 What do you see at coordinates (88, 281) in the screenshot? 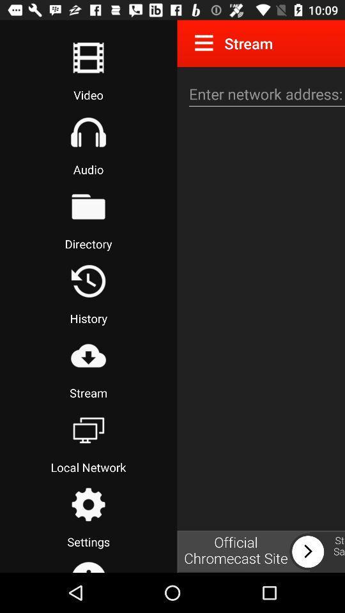
I see `go back` at bounding box center [88, 281].